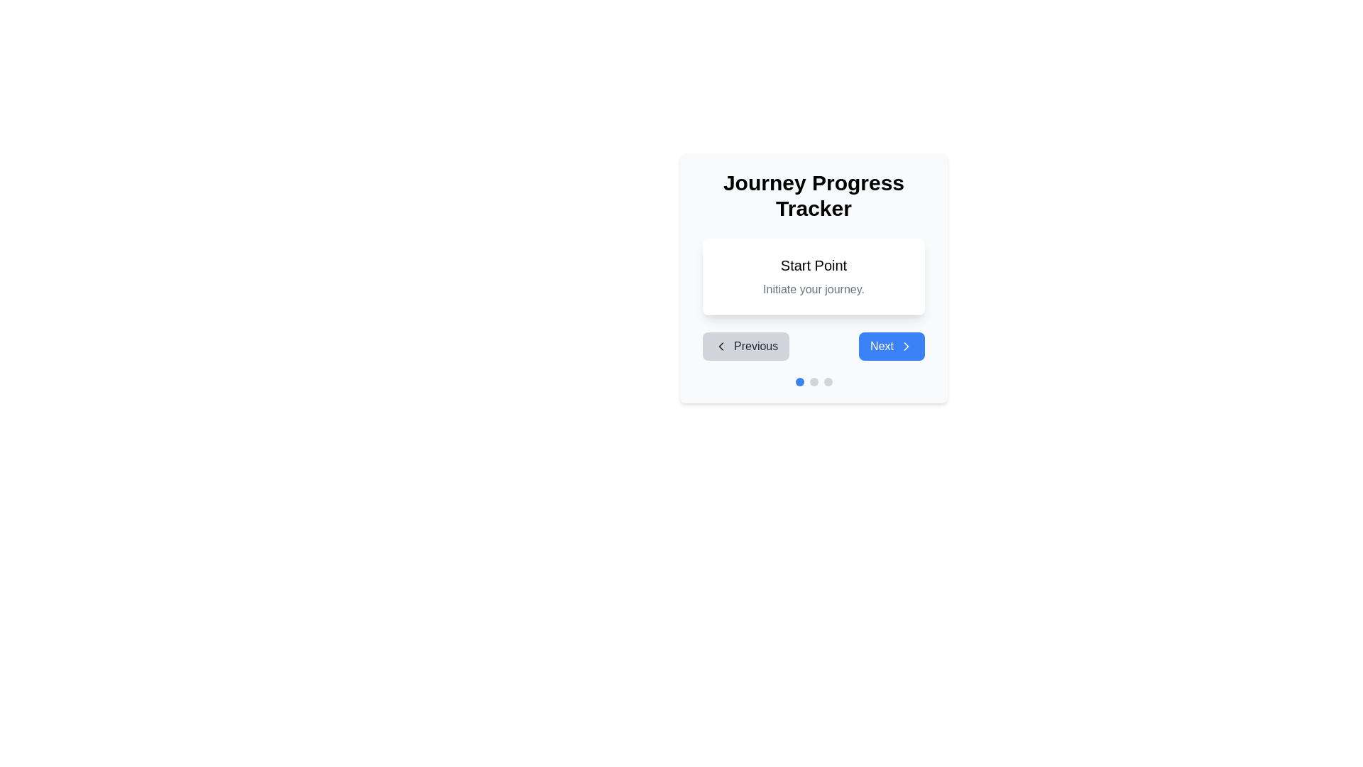 This screenshot has height=767, width=1363. What do you see at coordinates (891, 347) in the screenshot?
I see `the navigation button positioned to the right of the 'Previous' button below the 'Journey Progress Tracker' section` at bounding box center [891, 347].